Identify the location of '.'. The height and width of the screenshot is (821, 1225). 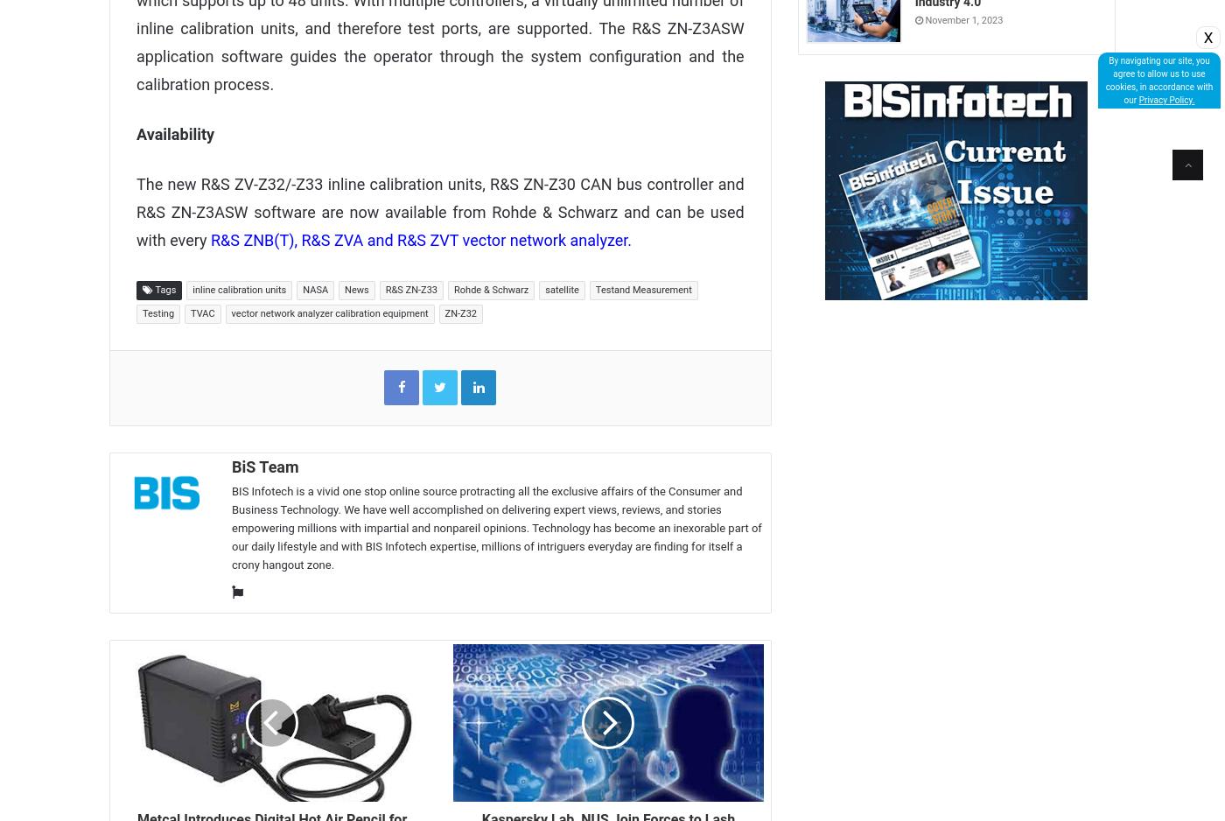
(629, 239).